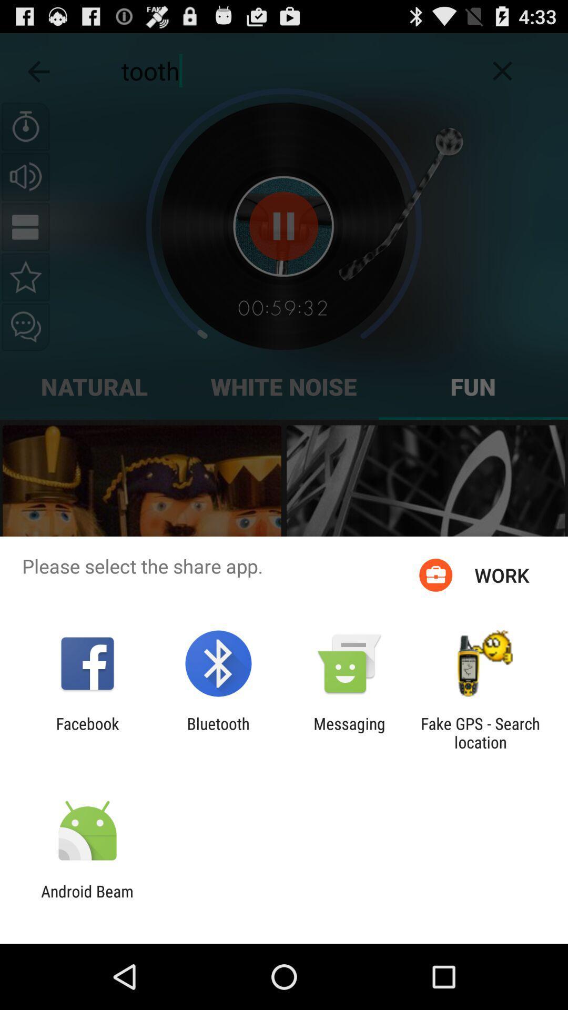  What do you see at coordinates (349, 732) in the screenshot?
I see `the item next to the fake gps search item` at bounding box center [349, 732].